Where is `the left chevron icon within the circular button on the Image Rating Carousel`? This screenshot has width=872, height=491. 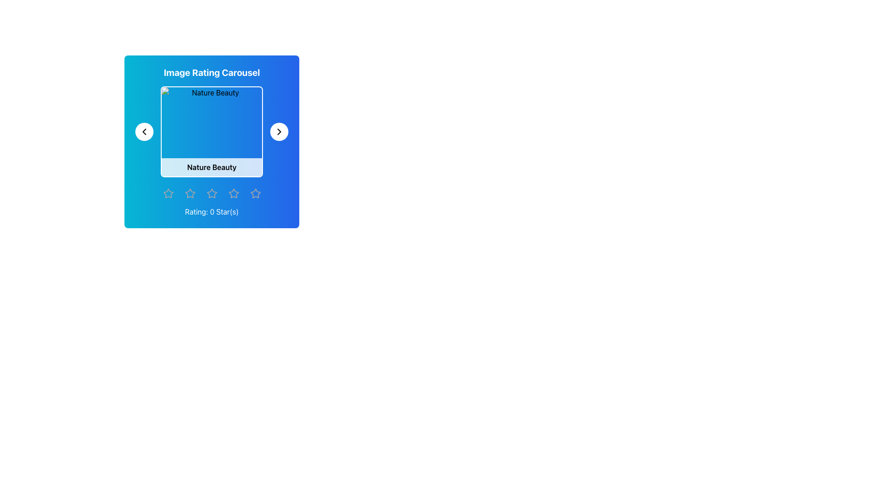 the left chevron icon within the circular button on the Image Rating Carousel is located at coordinates (144, 131).